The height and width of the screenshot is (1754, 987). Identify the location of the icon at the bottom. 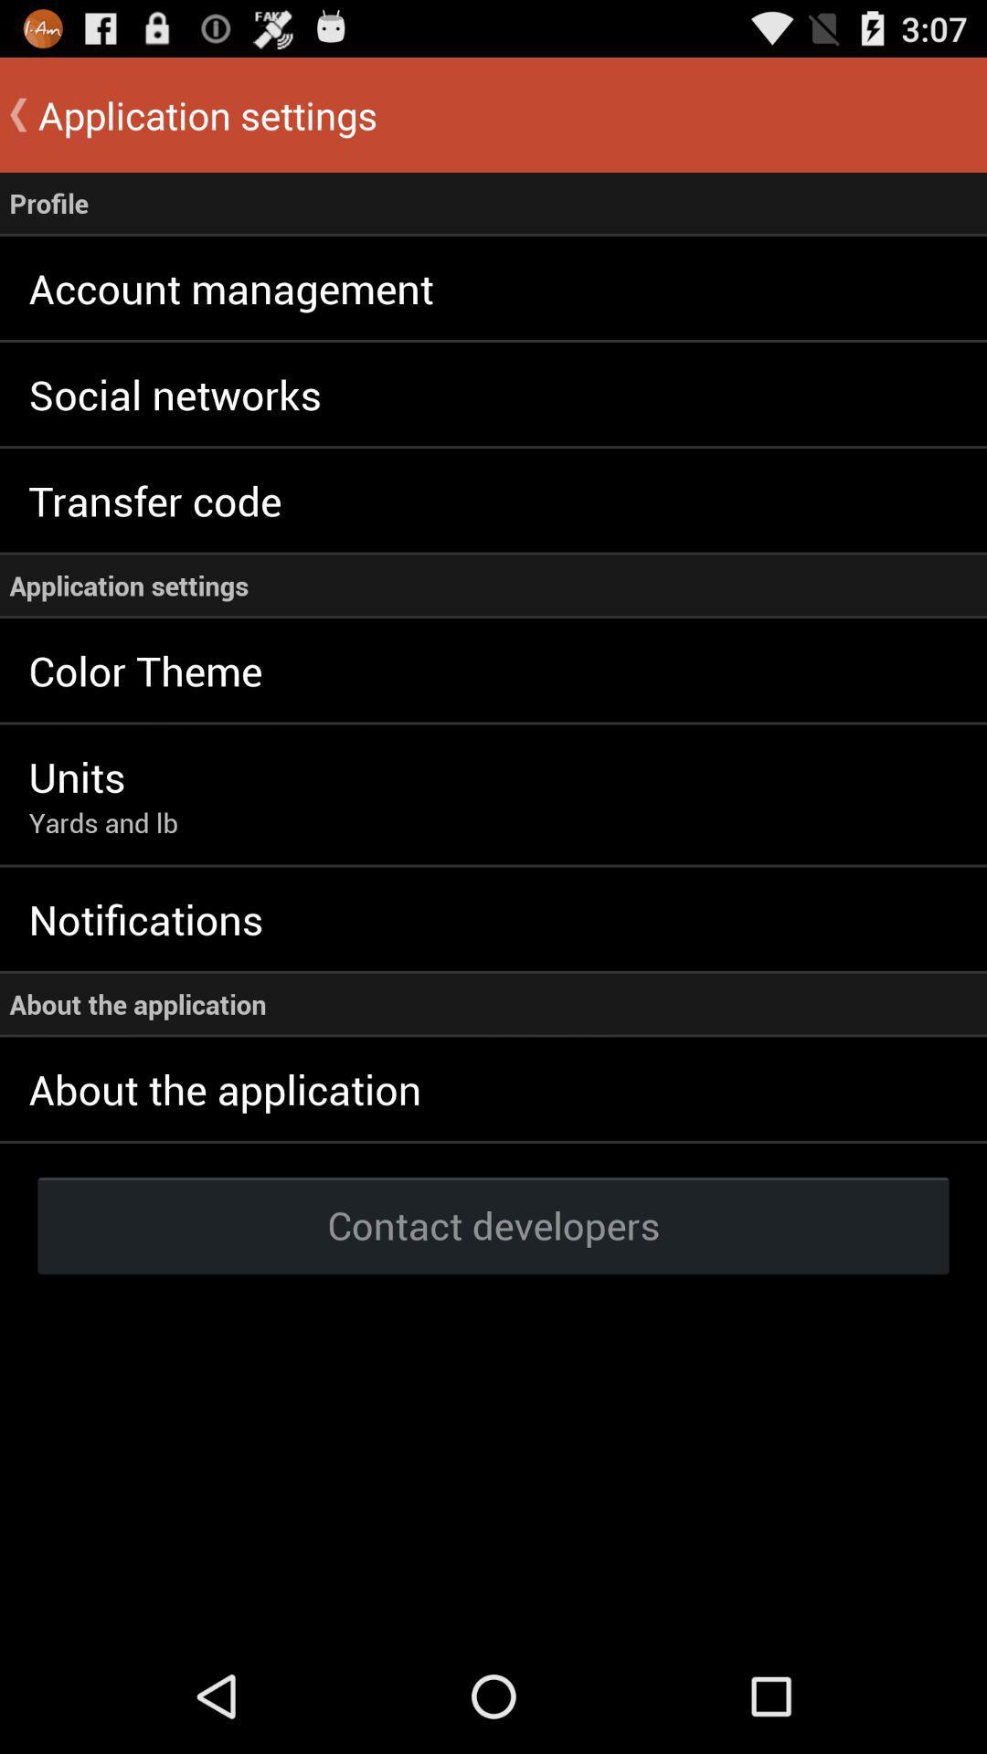
(493, 1224).